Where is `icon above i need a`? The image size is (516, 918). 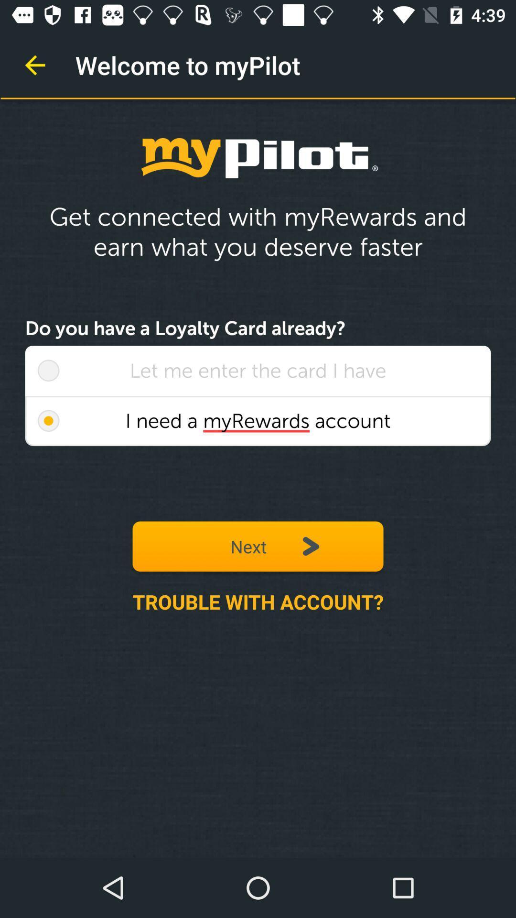
icon above i need a is located at coordinates (258, 370).